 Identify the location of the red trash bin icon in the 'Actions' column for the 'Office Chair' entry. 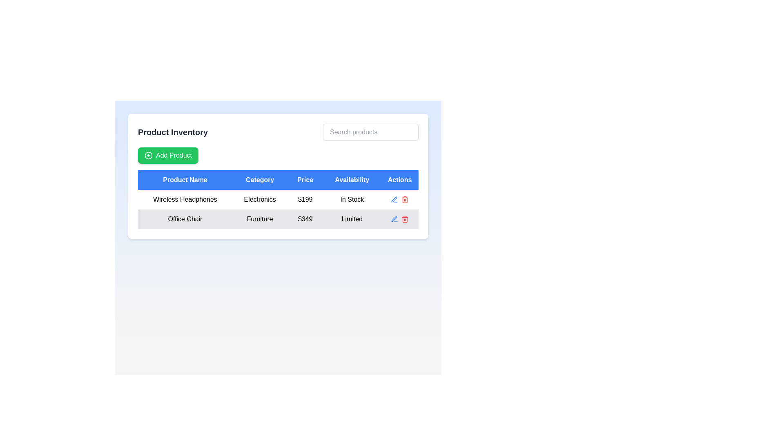
(405, 218).